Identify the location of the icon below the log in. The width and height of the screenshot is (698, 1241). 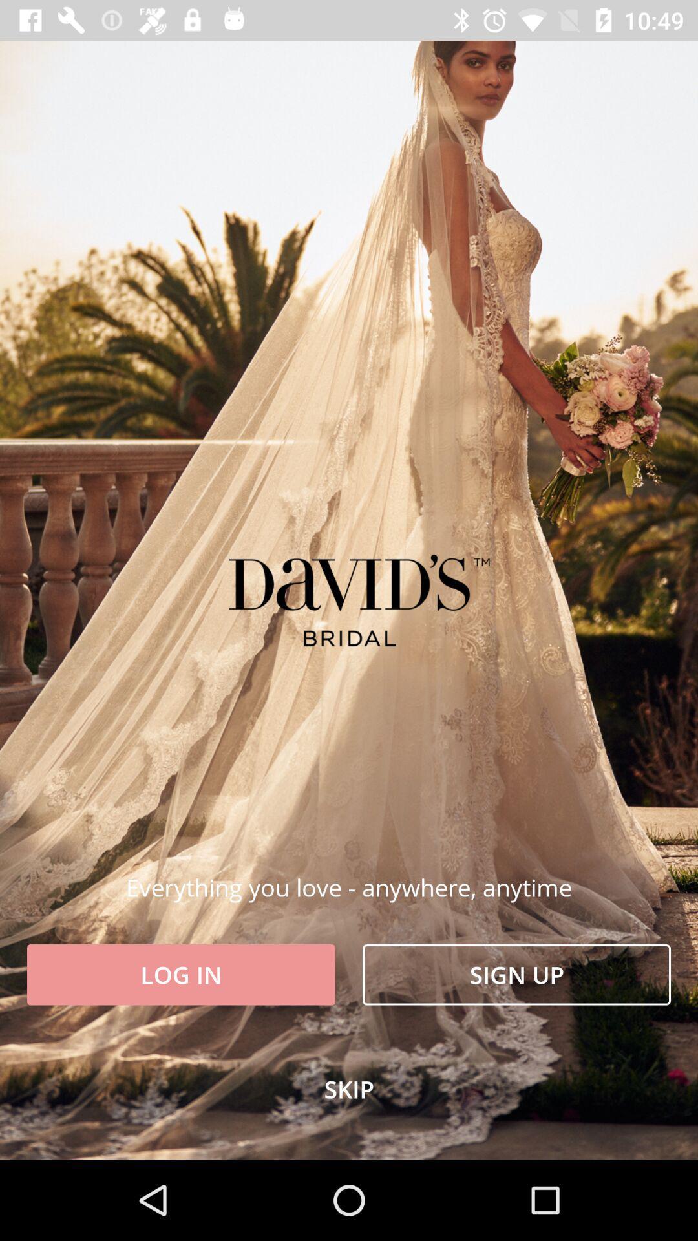
(349, 1088).